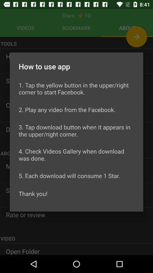 This screenshot has width=153, height=273. I want to click on the 4 check videos icon, so click(76, 155).